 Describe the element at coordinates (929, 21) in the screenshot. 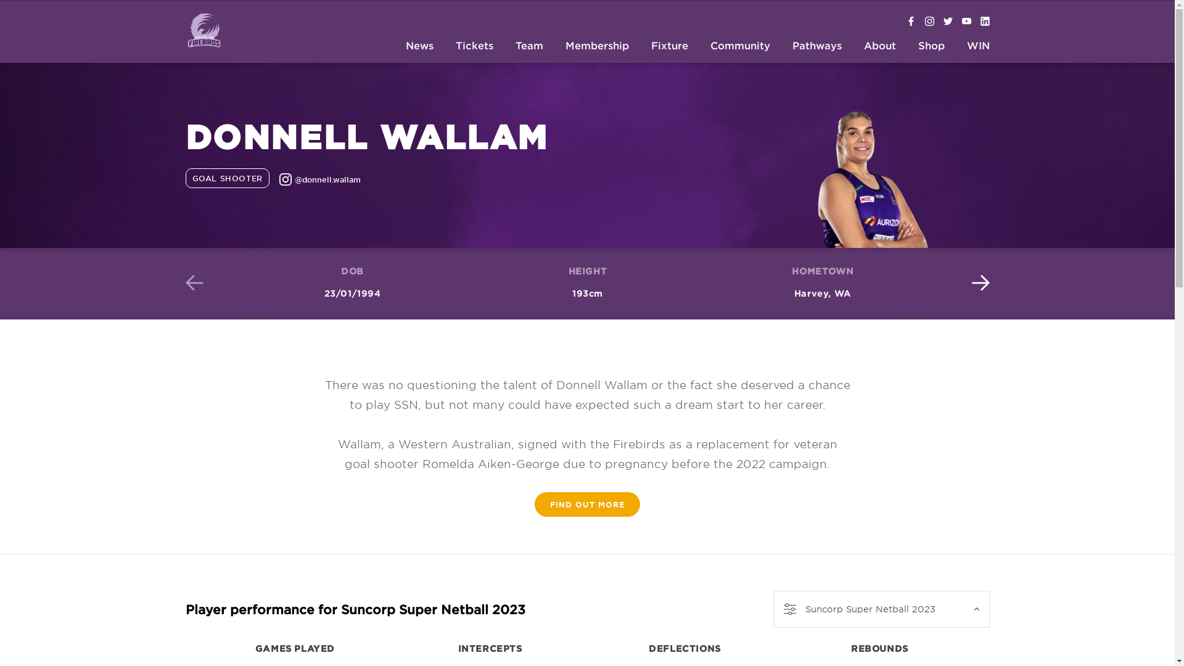

I see `'@firebirdsqld'` at that location.